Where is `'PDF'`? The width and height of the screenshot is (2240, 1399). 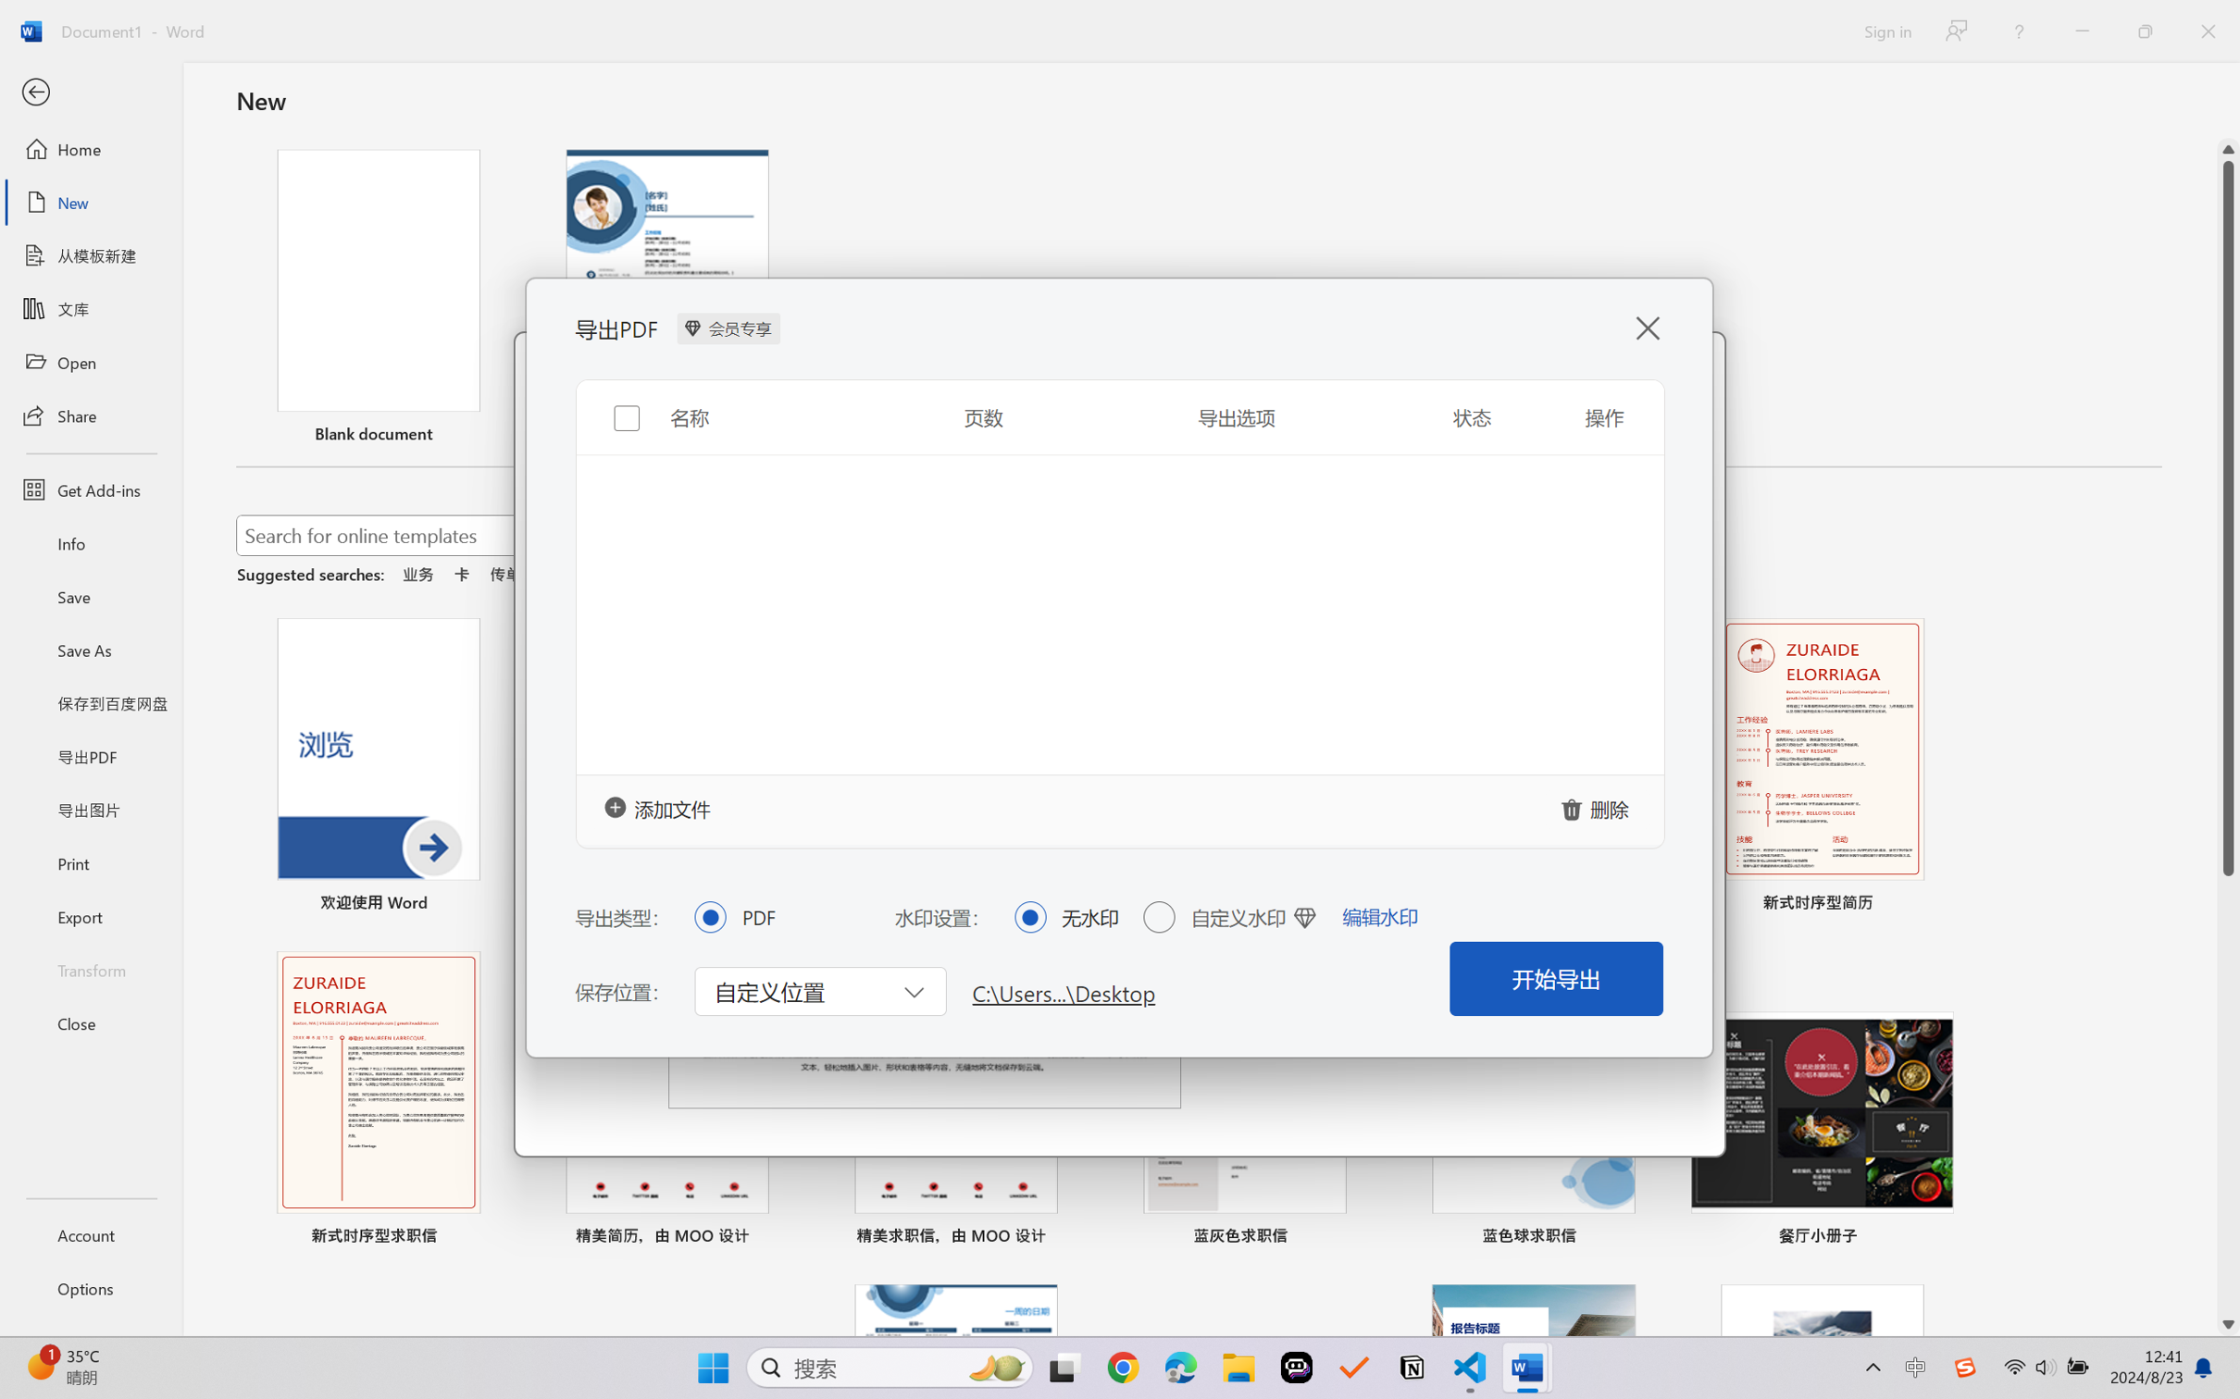
'PDF' is located at coordinates (709, 915).